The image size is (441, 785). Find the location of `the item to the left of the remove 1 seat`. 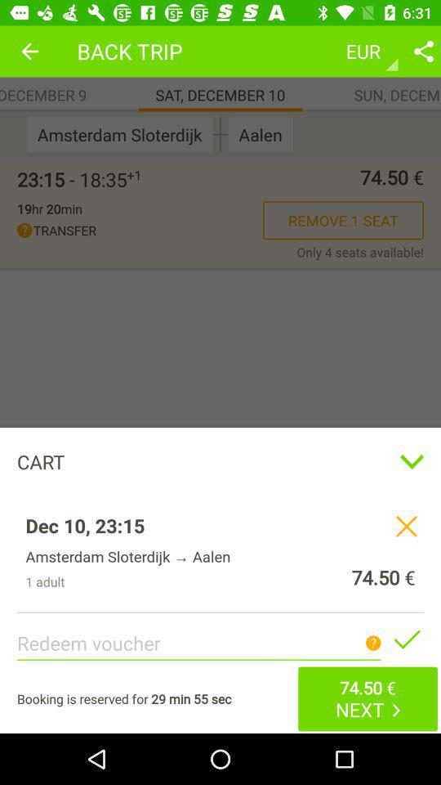

the item to the left of the remove 1 seat is located at coordinates (49, 208).